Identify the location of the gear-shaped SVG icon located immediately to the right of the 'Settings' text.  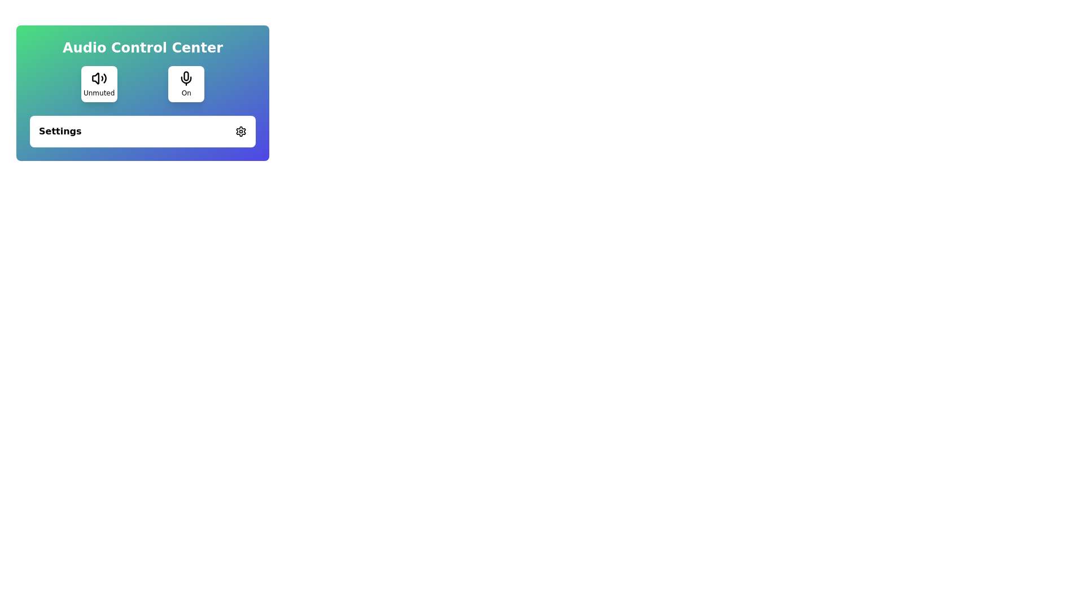
(241, 130).